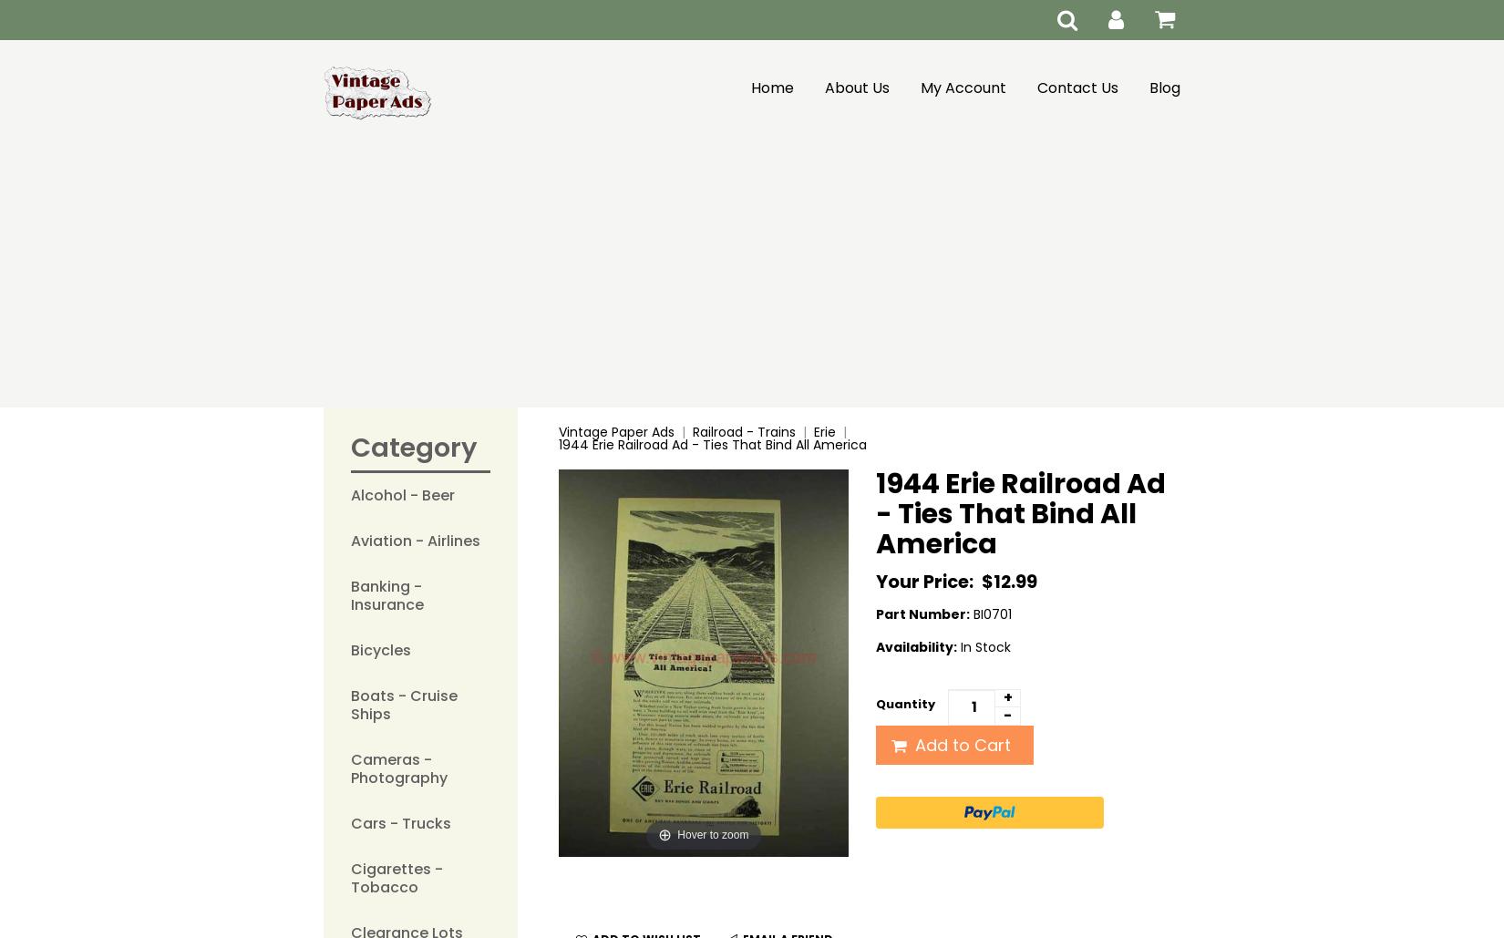  Describe the element at coordinates (398, 768) in the screenshot. I see `'Cameras - Photography'` at that location.